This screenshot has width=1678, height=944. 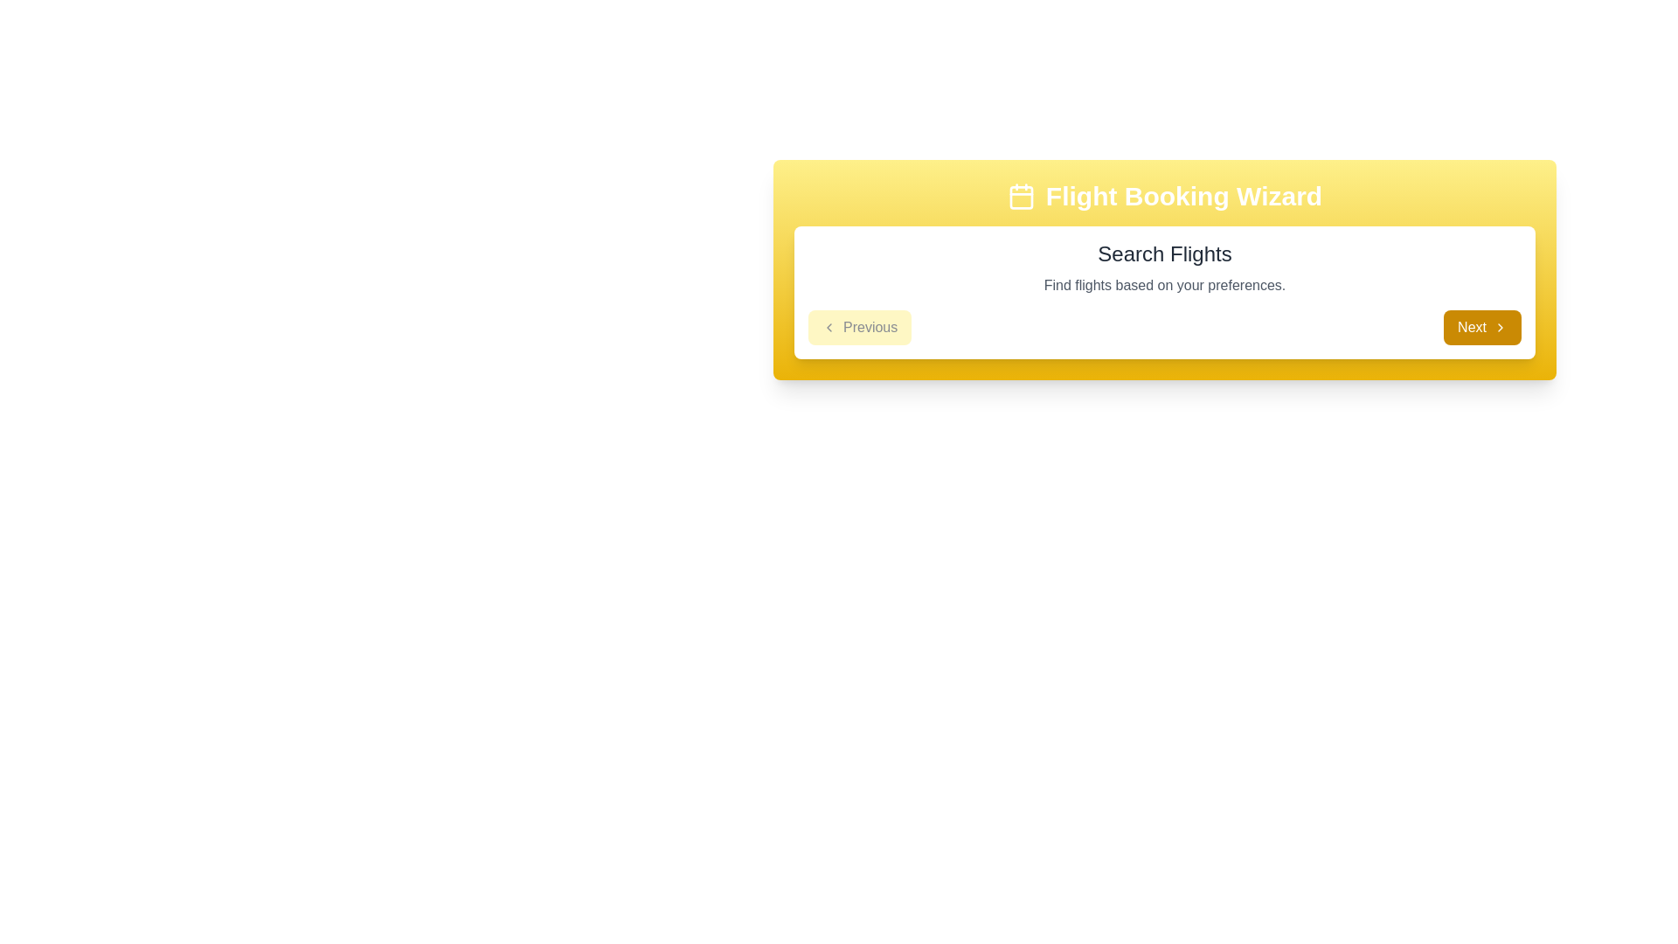 I want to click on the text element that reads 'Find flights based on your preferences.' which is located below the 'Search Flights' header, so click(x=1165, y=285).